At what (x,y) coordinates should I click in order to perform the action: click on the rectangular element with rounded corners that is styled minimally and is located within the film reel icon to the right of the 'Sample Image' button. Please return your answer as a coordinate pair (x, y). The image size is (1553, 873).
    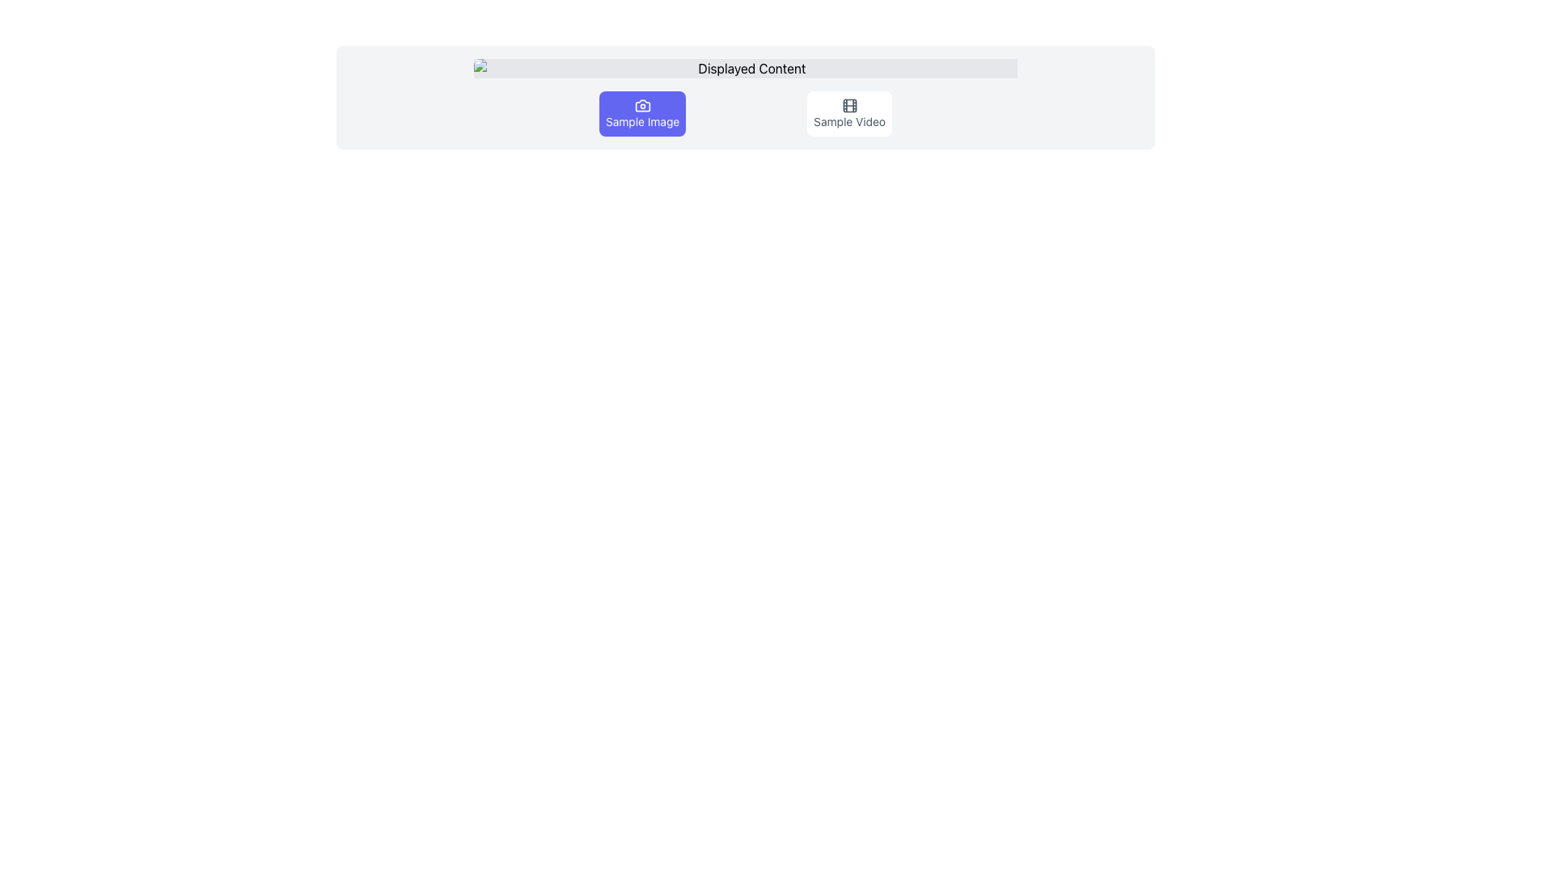
    Looking at the image, I should click on (848, 106).